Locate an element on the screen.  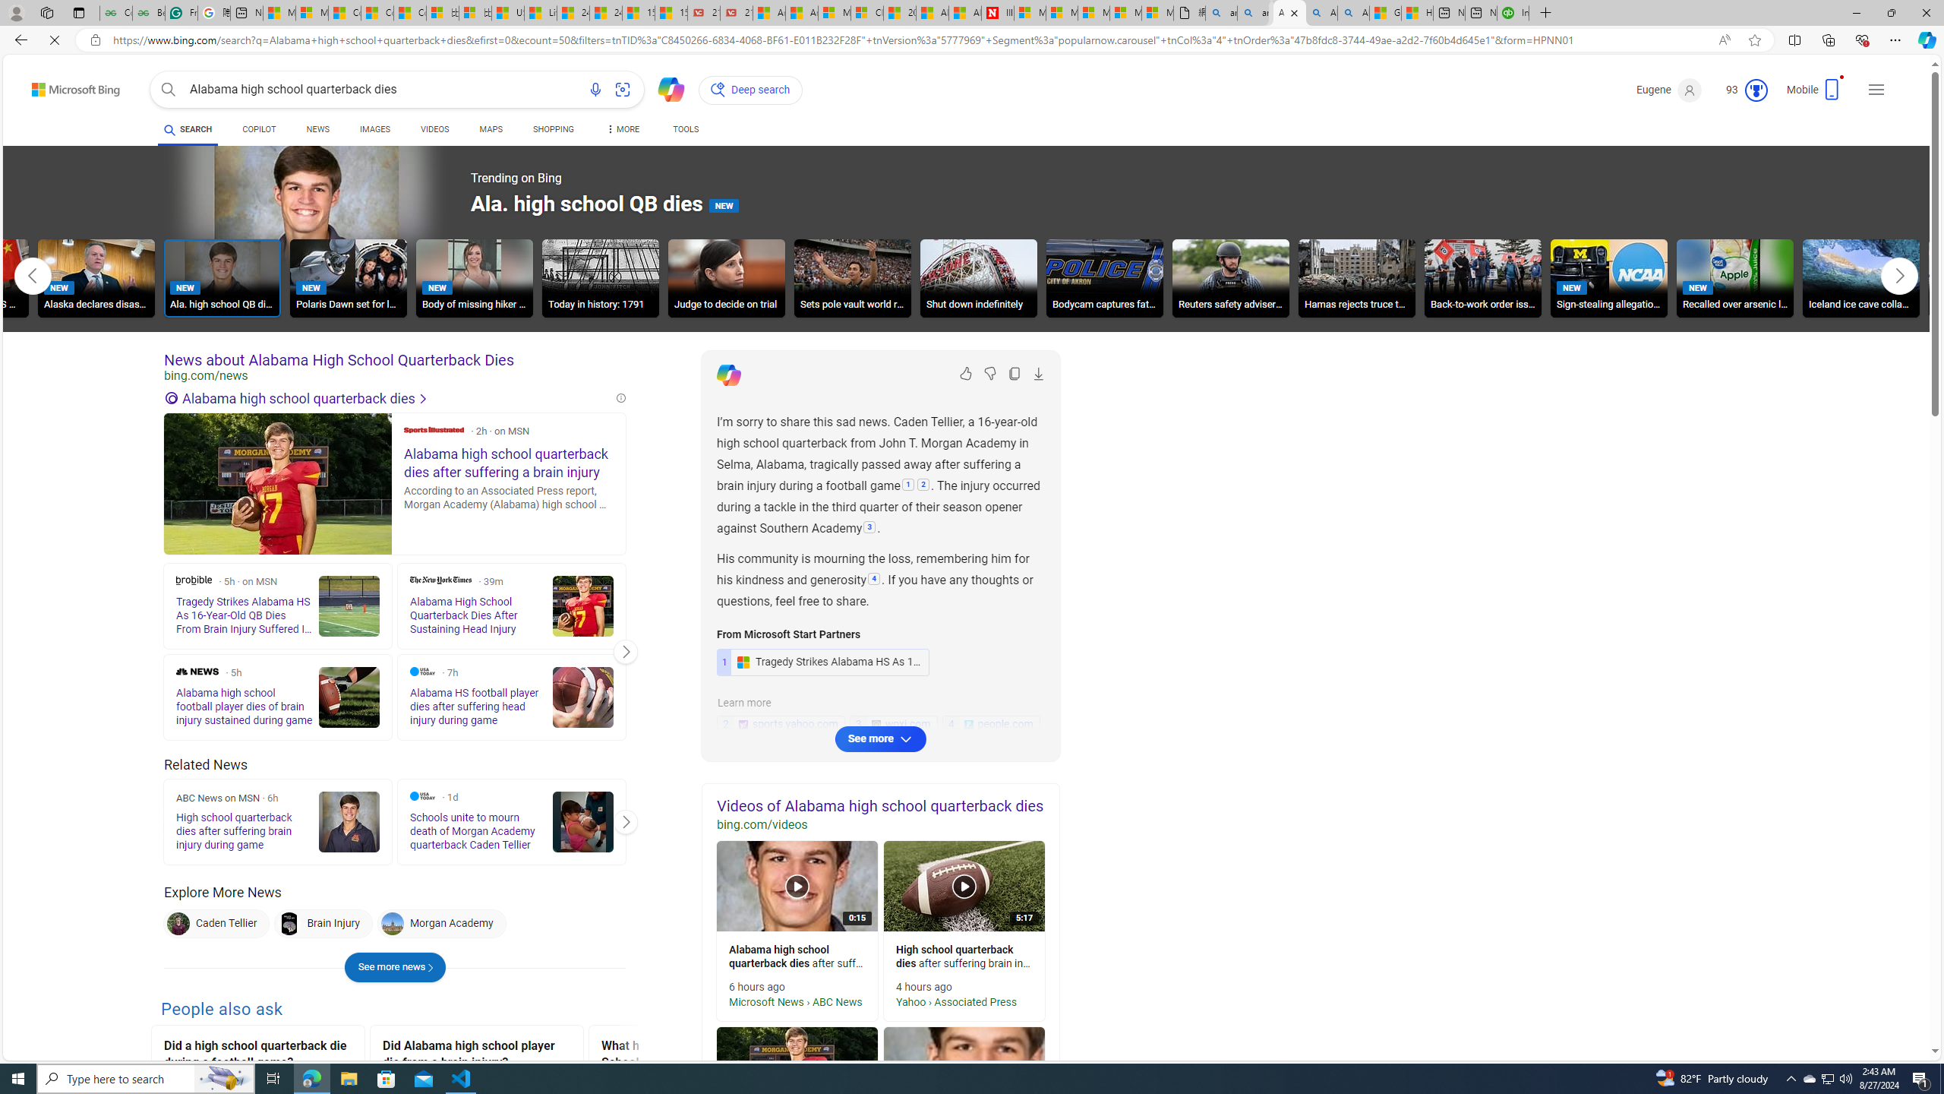
'Lifestyle - MSN' is located at coordinates (539, 12).